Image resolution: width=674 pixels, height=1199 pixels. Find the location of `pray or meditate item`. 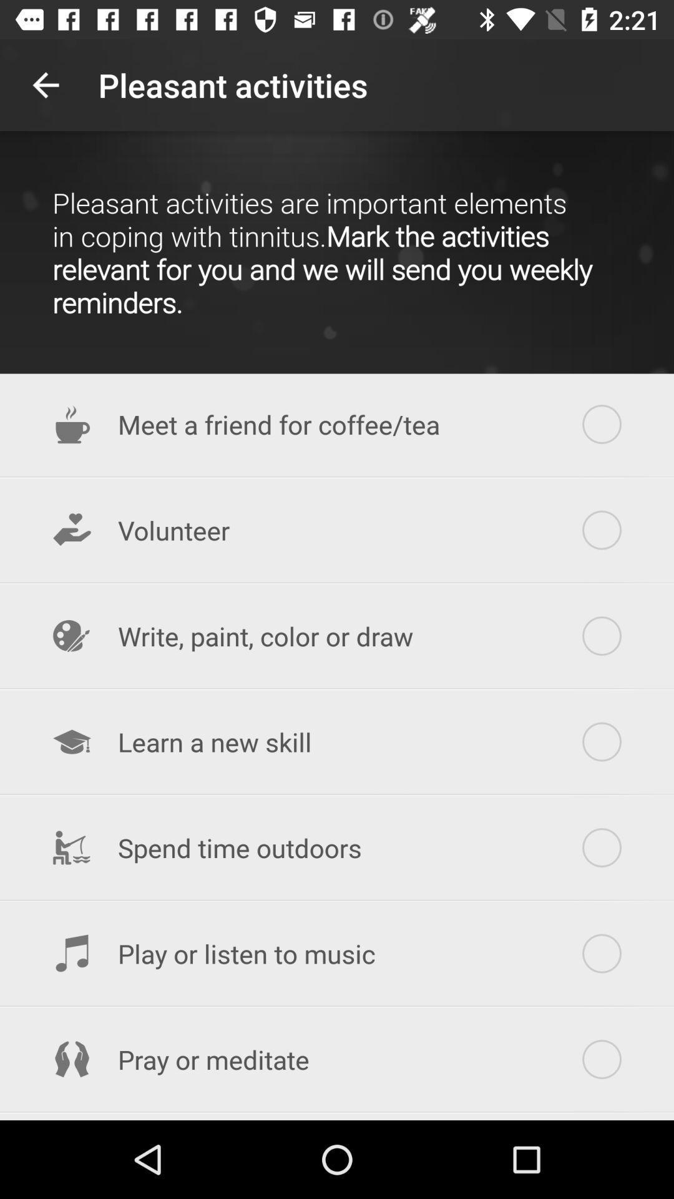

pray or meditate item is located at coordinates (337, 1058).